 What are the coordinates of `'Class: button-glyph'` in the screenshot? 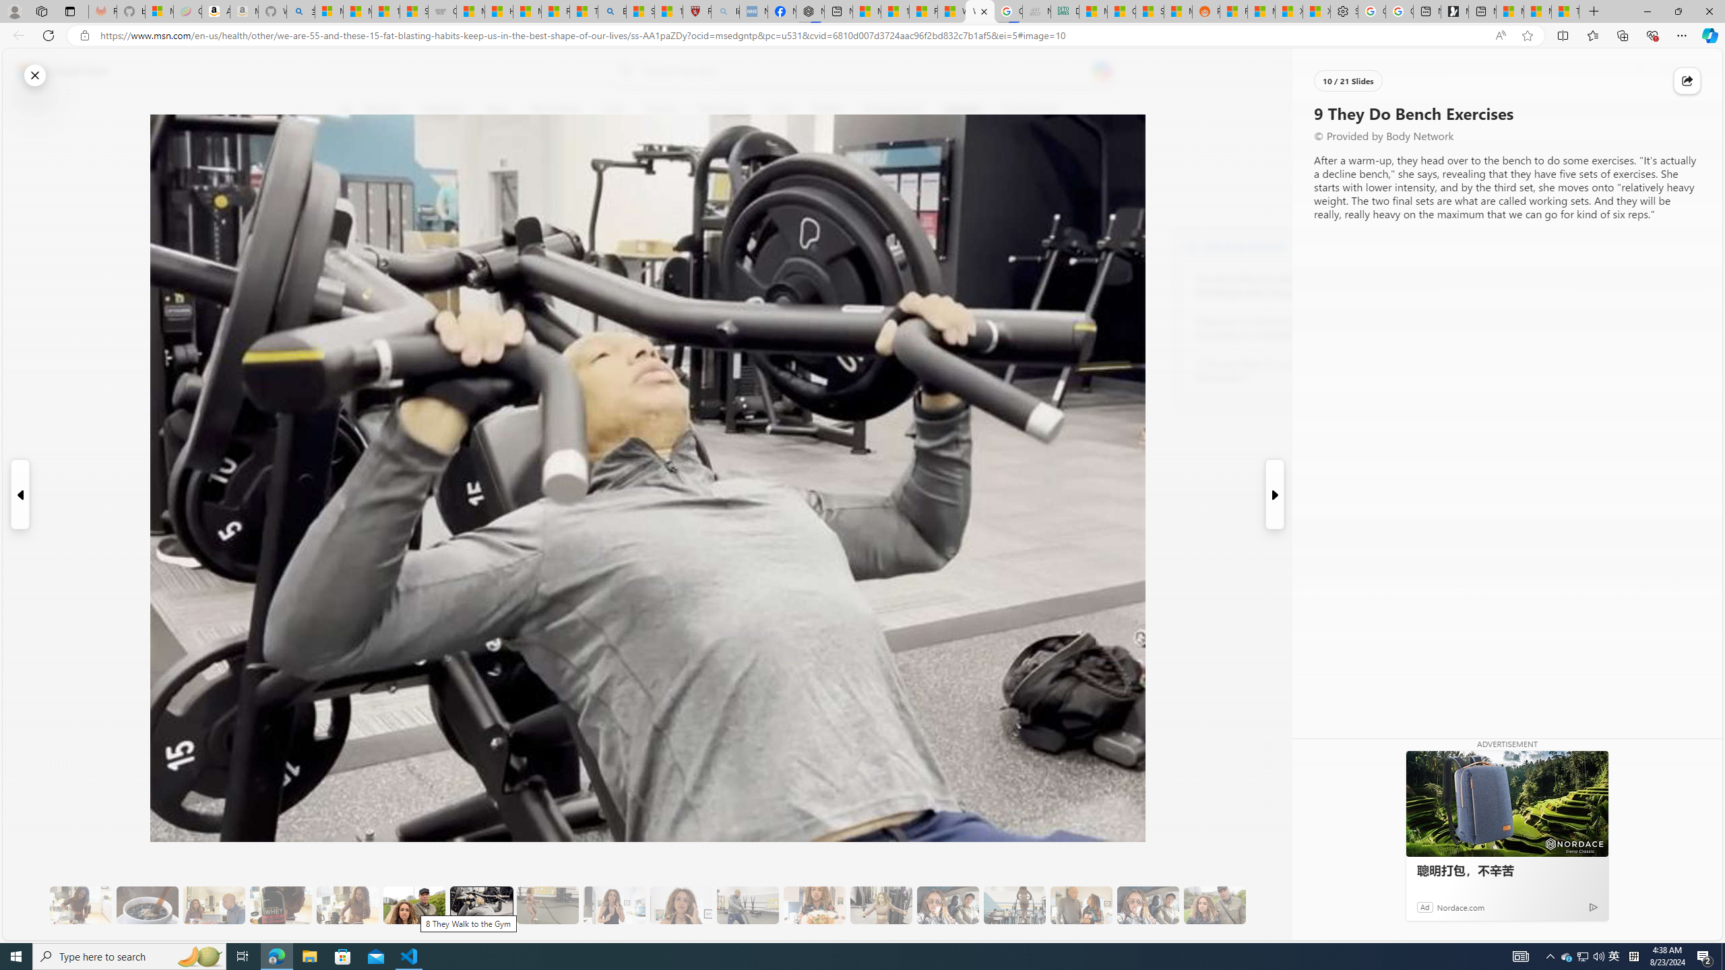 It's located at (346, 109).